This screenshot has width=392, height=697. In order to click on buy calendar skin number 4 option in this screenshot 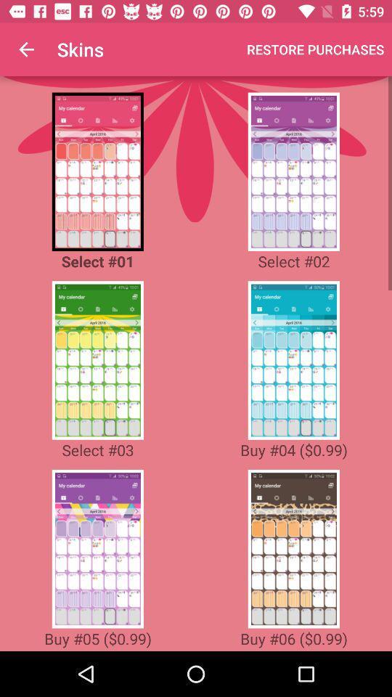, I will do `click(293, 359)`.